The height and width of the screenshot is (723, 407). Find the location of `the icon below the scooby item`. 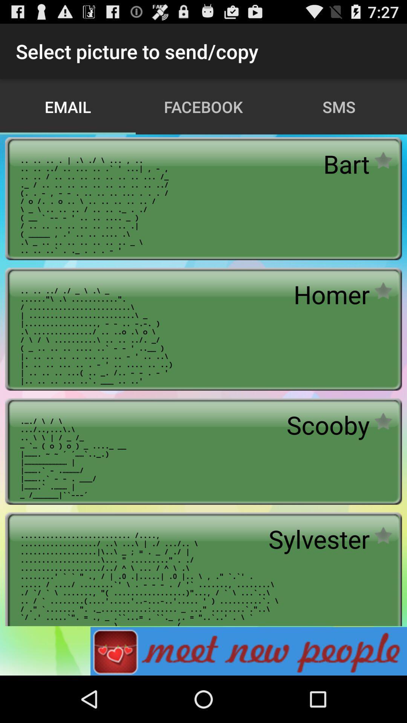

the icon below the scooby item is located at coordinates (319, 538).